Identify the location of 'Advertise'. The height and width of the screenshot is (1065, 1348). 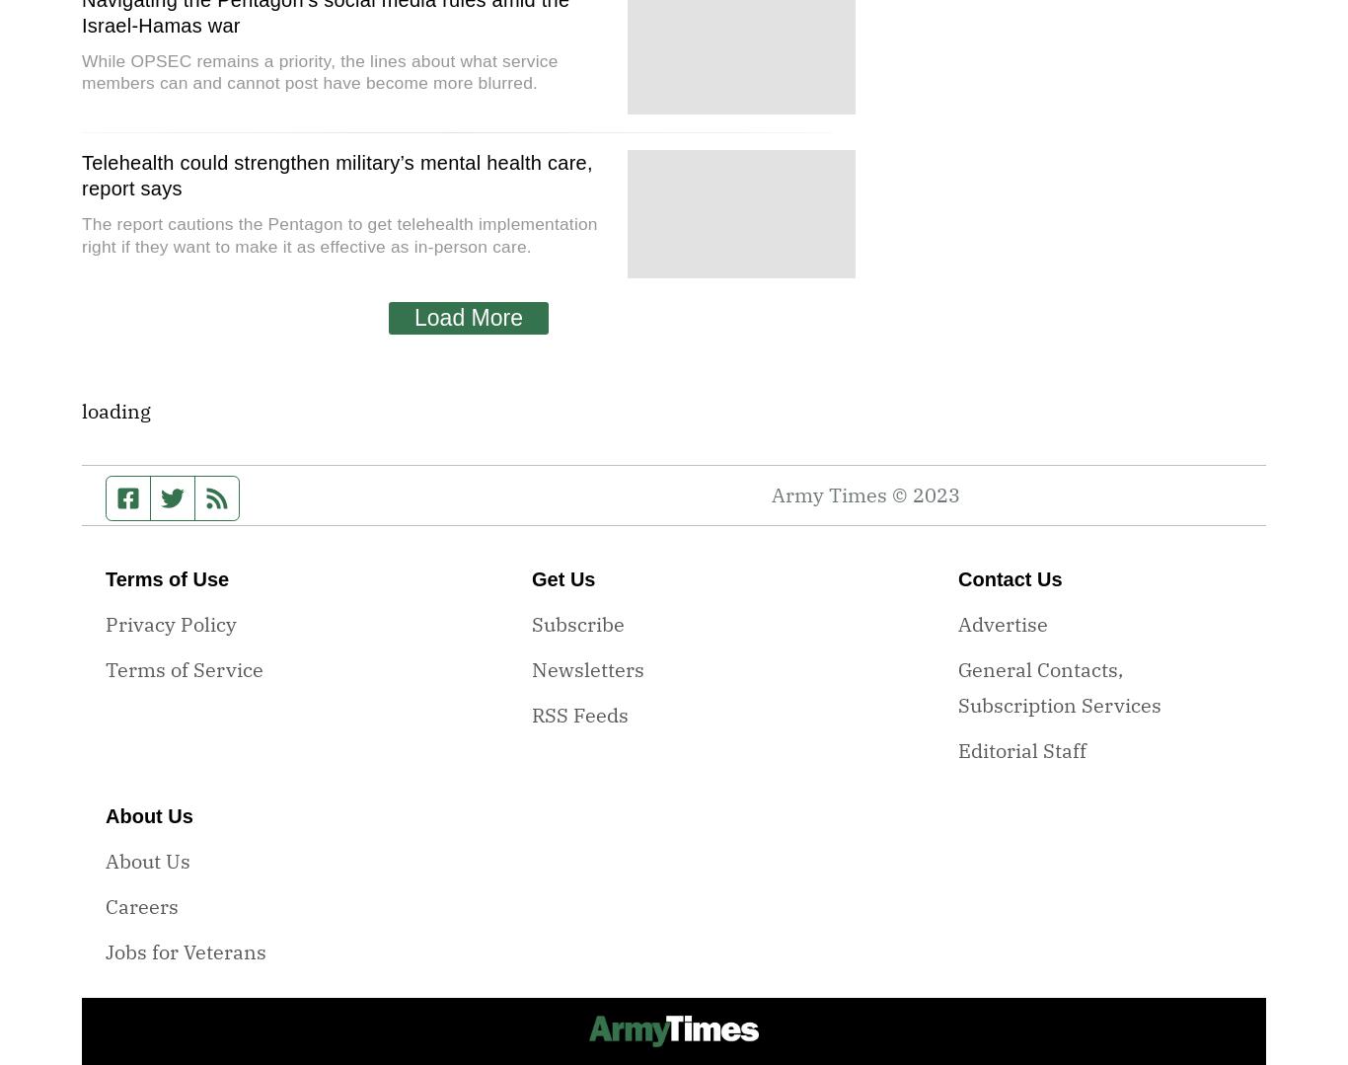
(1003, 623).